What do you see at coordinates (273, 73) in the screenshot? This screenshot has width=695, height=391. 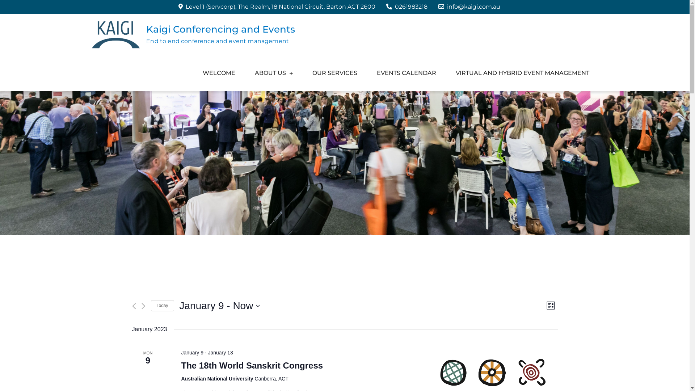 I see `'ABOUT US'` at bounding box center [273, 73].